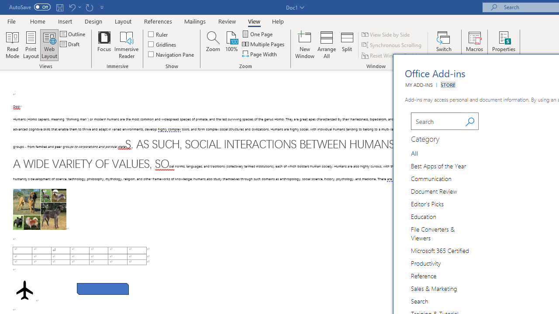  I want to click on 'One Page', so click(257, 34).